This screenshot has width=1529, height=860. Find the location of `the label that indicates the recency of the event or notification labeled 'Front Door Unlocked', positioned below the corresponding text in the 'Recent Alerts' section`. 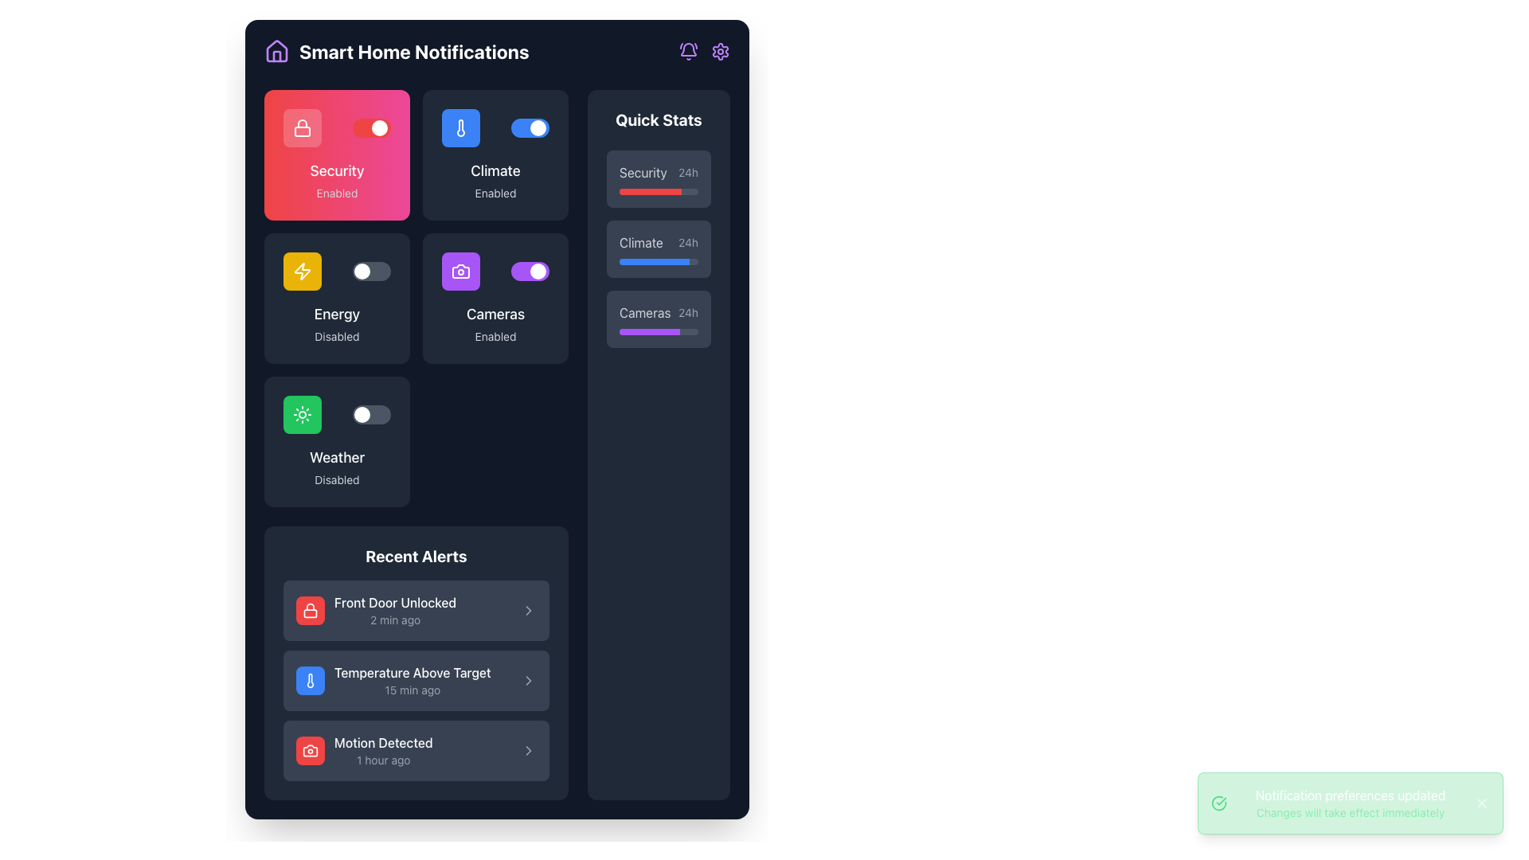

the label that indicates the recency of the event or notification labeled 'Front Door Unlocked', positioned below the corresponding text in the 'Recent Alerts' section is located at coordinates (395, 620).